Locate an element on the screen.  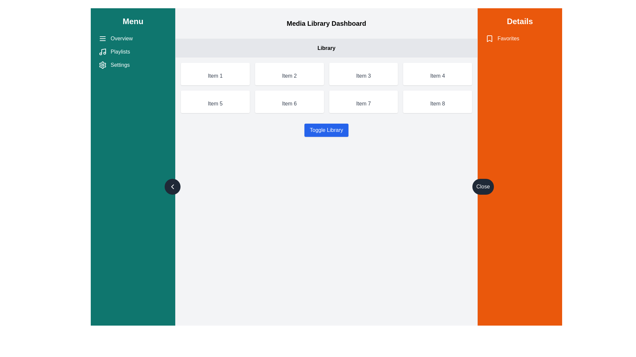
the bookmark icon located in the details panel on the right side of the interface, adjacent to the 'Favorites' label to interact with it is located at coordinates (490, 38).